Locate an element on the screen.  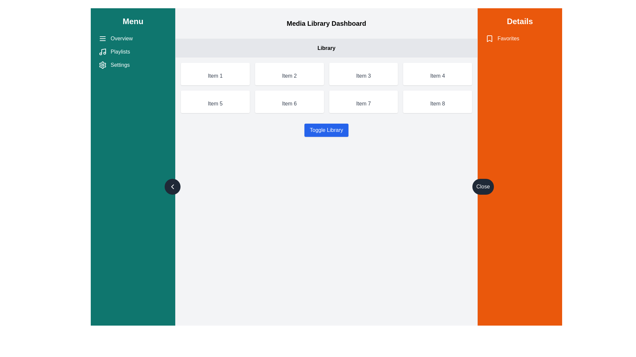
the bookmark icon located in the details panel on the right side of the interface, adjacent to the 'Favorites' label to interact with it is located at coordinates (490, 38).